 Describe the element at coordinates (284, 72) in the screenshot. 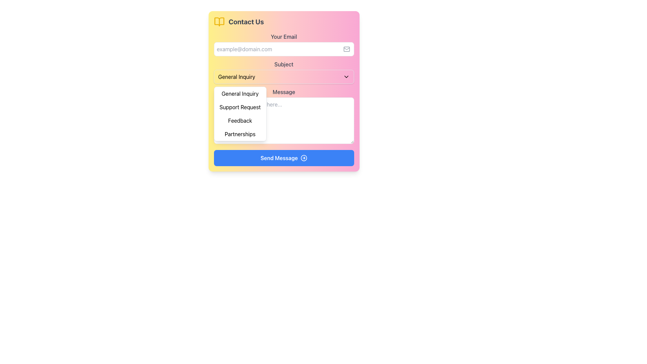

I see `the dropdown menu` at that location.